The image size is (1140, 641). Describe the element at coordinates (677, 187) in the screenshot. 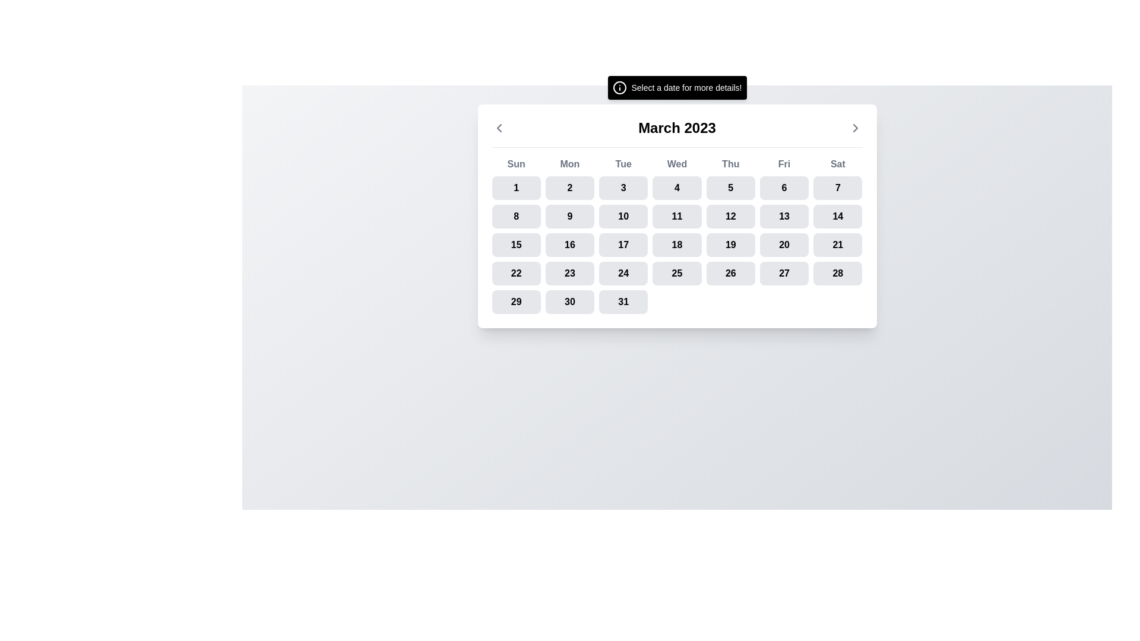

I see `the rounded rectangular button with a light gray background containing the number '4'` at that location.